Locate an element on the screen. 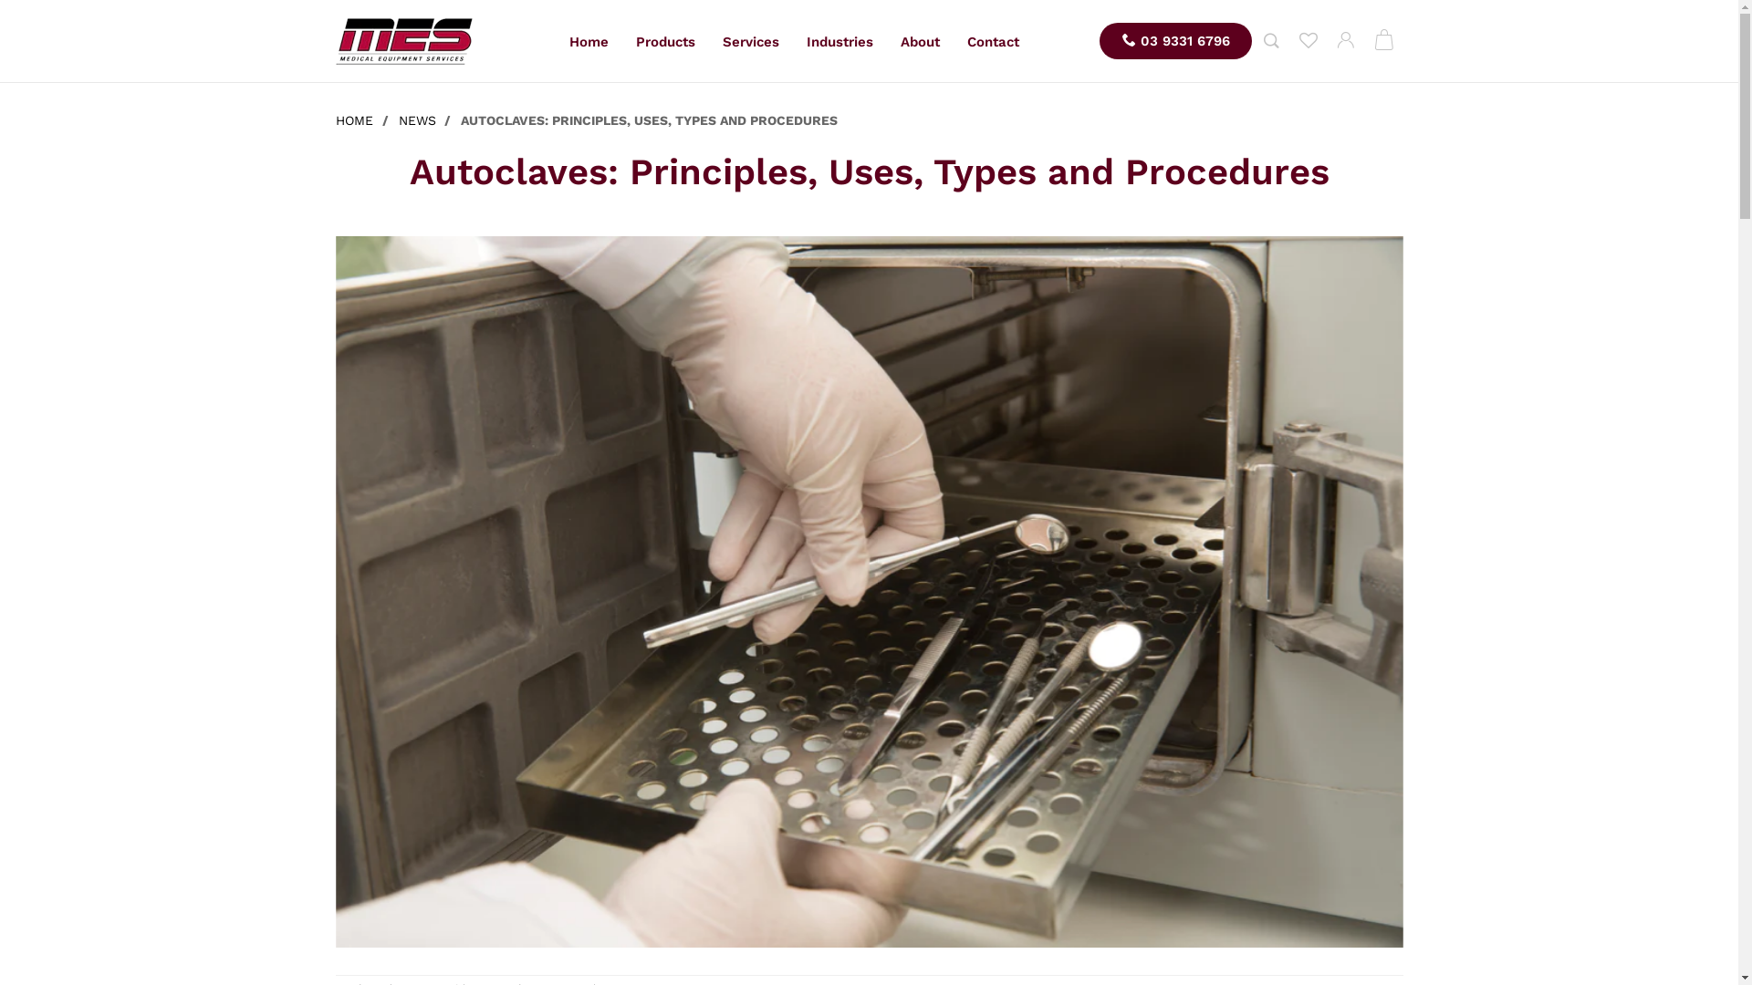 The image size is (1752, 985). 'MES' is located at coordinates (402, 41).